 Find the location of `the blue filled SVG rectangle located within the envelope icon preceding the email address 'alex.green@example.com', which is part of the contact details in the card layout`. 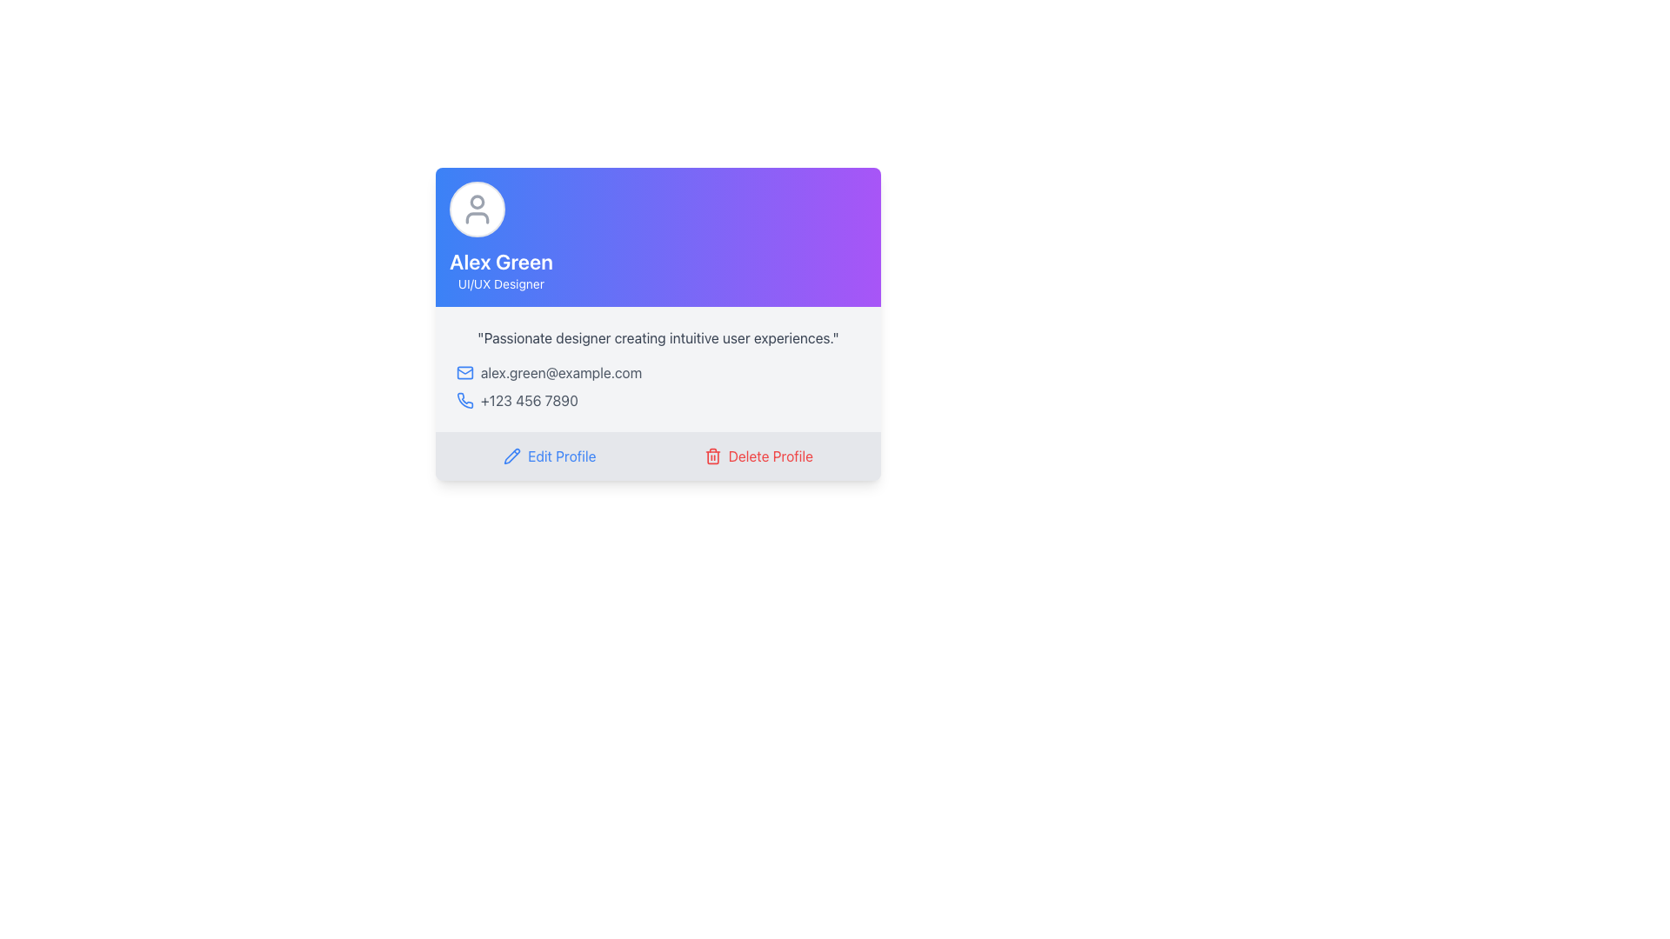

the blue filled SVG rectangle located within the envelope icon preceding the email address 'alex.green@example.com', which is part of the contact details in the card layout is located at coordinates (464, 371).